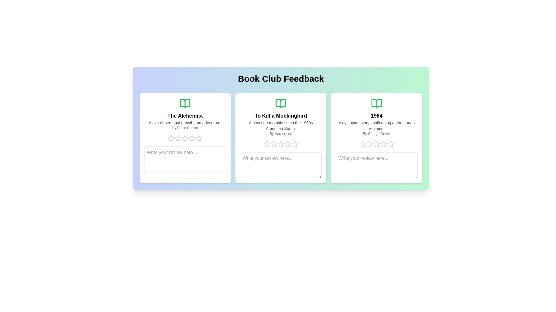  Describe the element at coordinates (369, 144) in the screenshot. I see `the third star icon from the left` at that location.